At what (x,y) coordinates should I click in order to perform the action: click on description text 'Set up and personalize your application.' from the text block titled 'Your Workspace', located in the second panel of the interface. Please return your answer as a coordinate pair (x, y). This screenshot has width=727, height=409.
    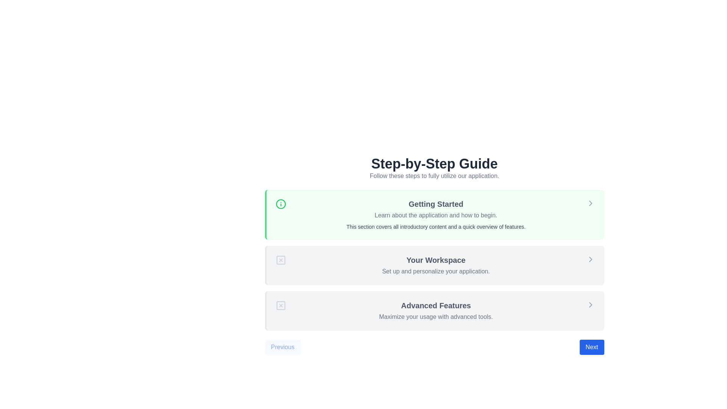
    Looking at the image, I should click on (436, 265).